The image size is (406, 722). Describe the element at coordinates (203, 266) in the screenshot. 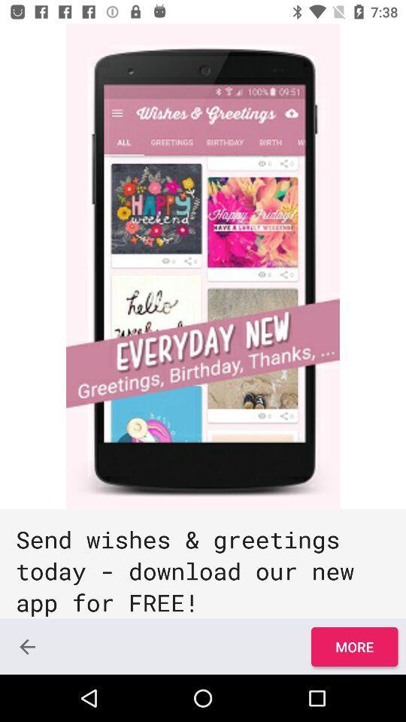

I see `wireless cellular device` at that location.